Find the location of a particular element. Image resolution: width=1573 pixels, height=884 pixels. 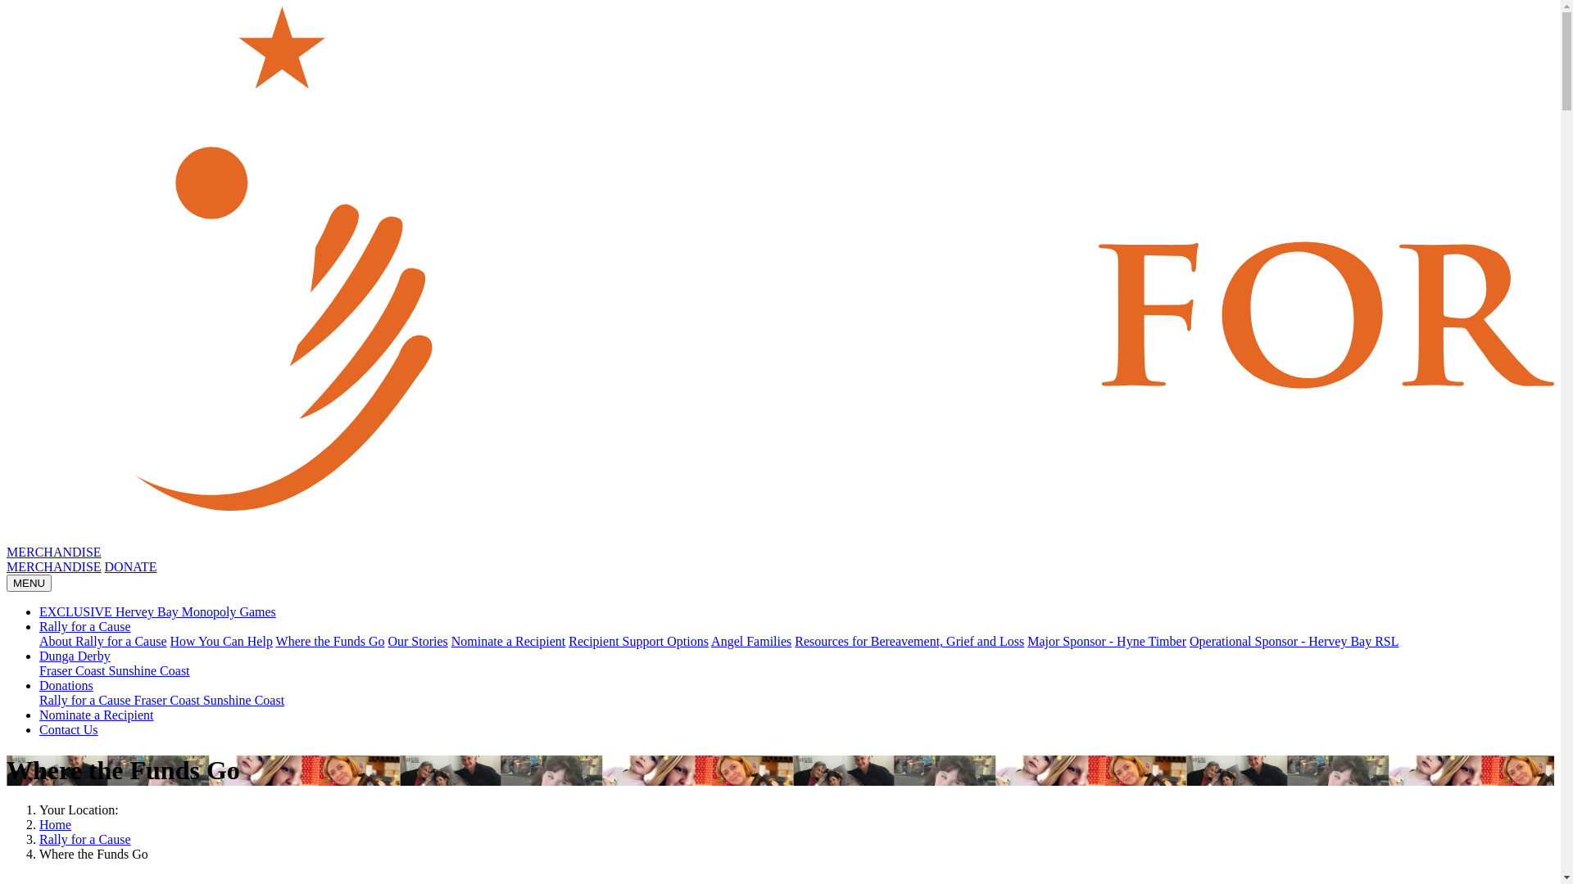

'Major Sponsor - Hyne Timber' is located at coordinates (1106, 640).